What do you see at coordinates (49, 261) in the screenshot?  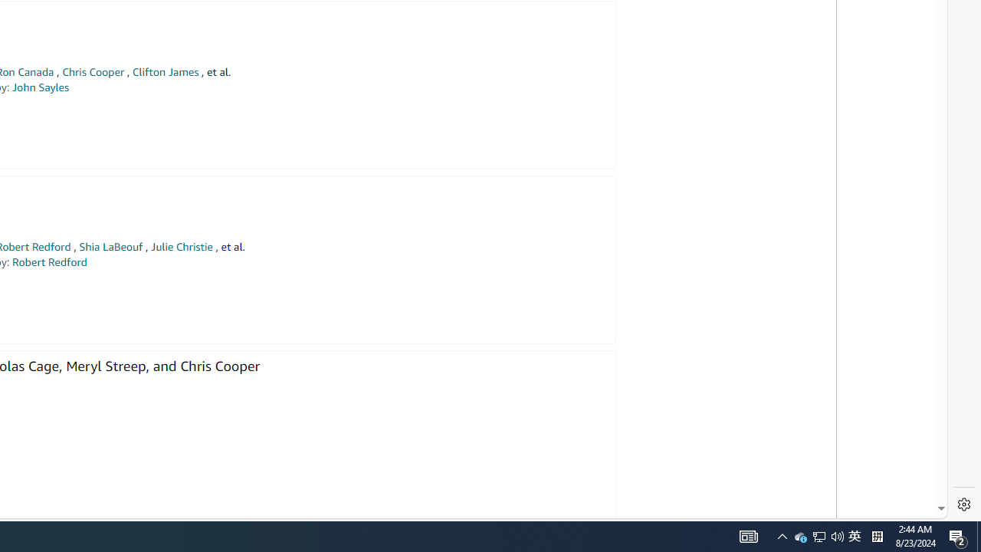 I see `'Robert Redford'` at bounding box center [49, 261].